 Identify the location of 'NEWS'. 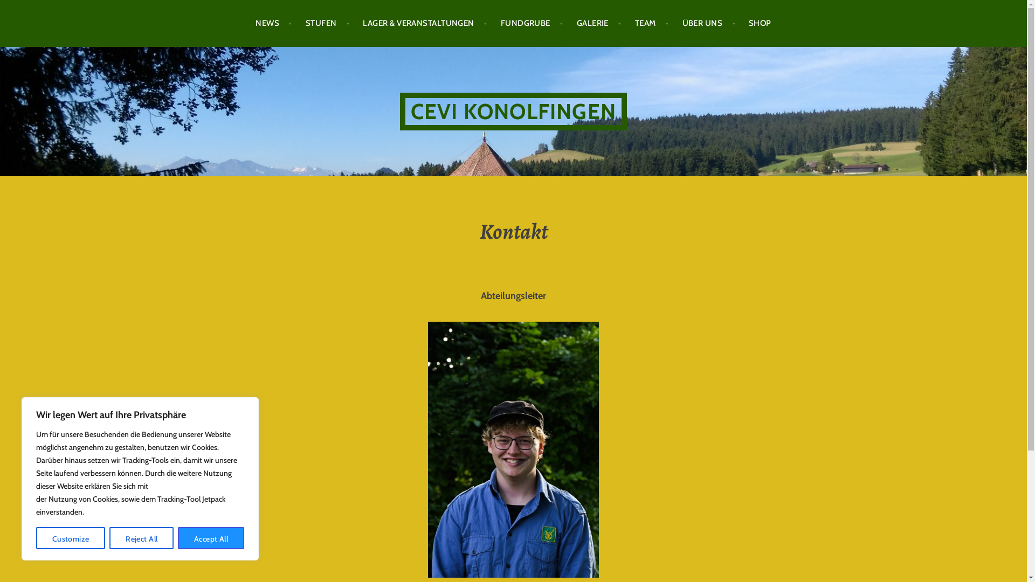
(274, 23).